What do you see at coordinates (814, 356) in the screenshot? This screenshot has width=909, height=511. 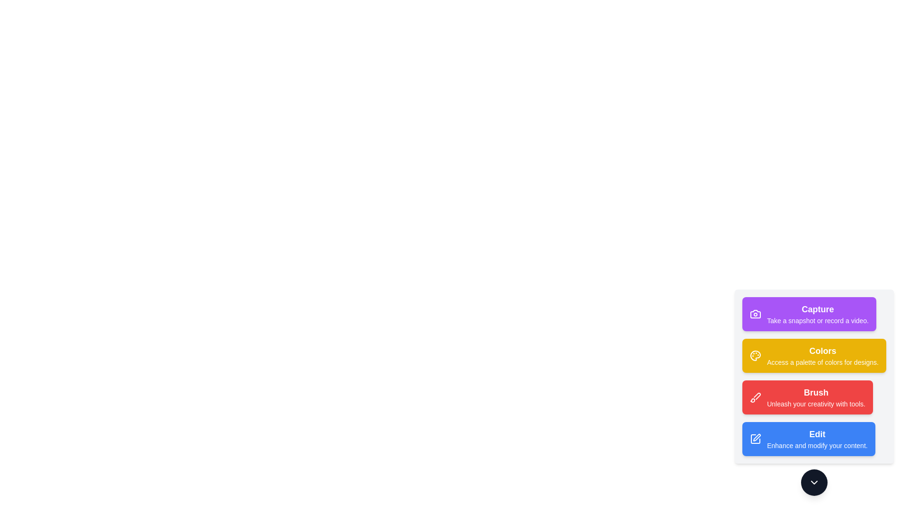 I see `the tool button labeled Colors to view its hover effect` at bounding box center [814, 356].